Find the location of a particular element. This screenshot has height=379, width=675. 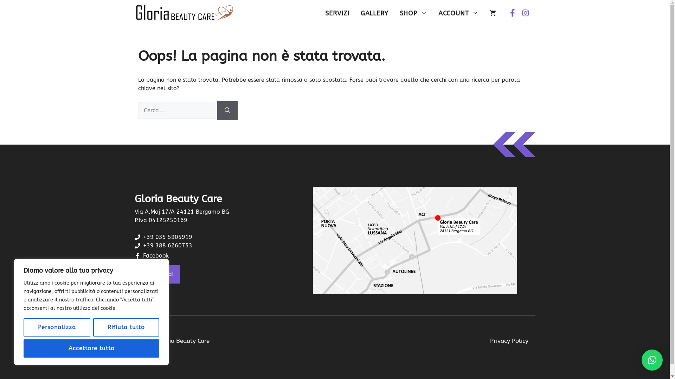

'ACCOUNT' is located at coordinates (458, 13).